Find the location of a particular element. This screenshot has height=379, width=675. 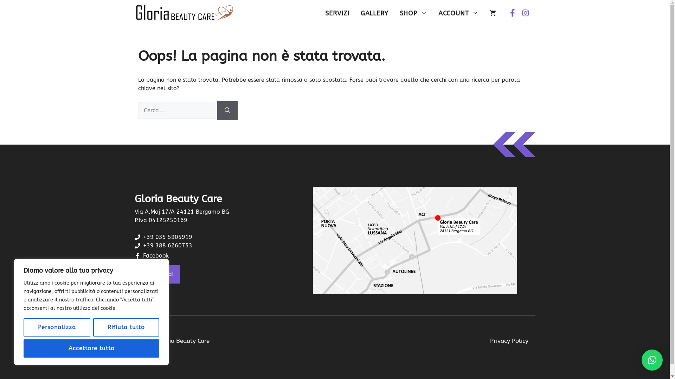

'ACCOUNT' is located at coordinates (458, 13).